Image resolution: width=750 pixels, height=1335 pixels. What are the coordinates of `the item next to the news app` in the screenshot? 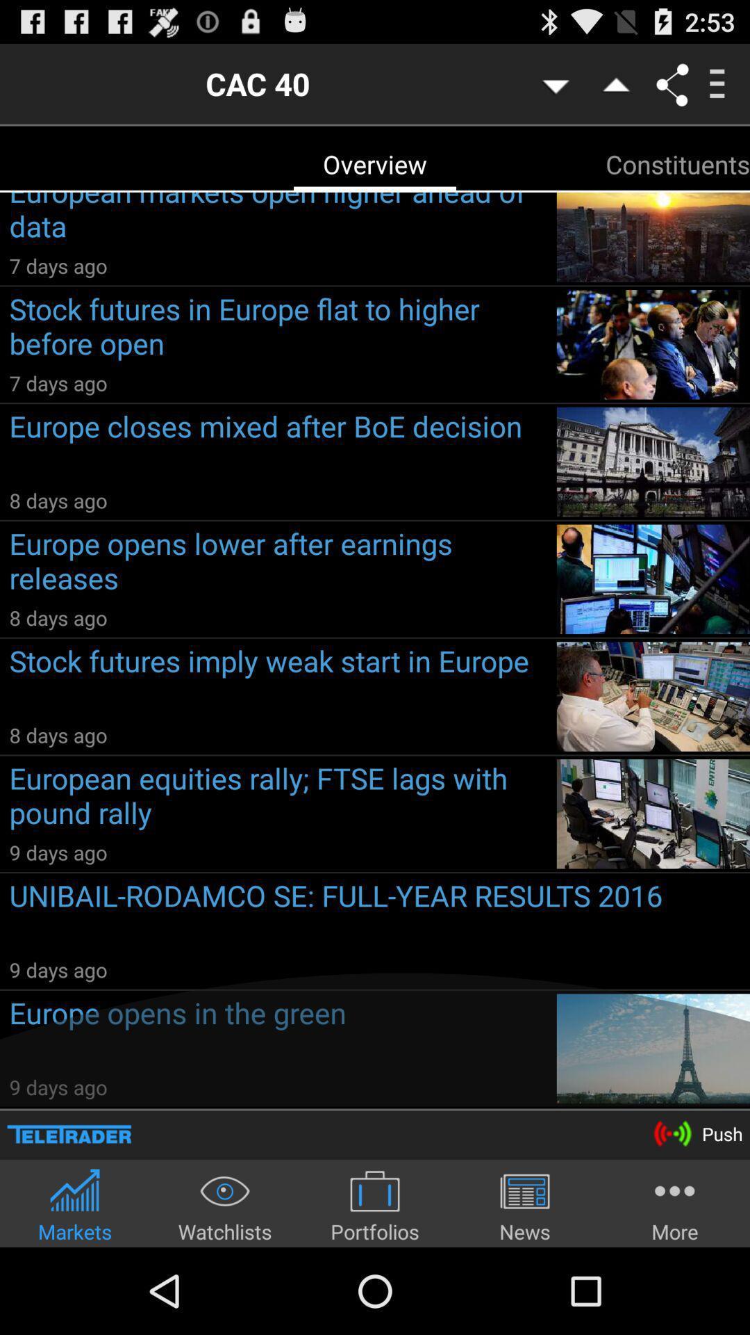 It's located at (674, 1204).